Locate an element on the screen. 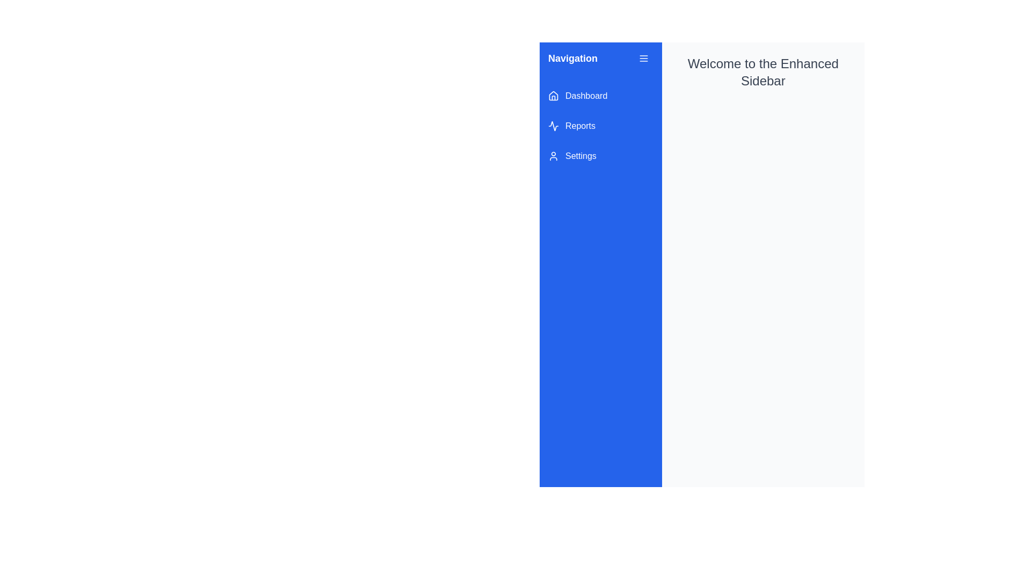 This screenshot has width=1031, height=580. 'Settings' text label in the navigation menu, which is the third label following 'Dashboard' and 'Reports' is located at coordinates (580, 156).